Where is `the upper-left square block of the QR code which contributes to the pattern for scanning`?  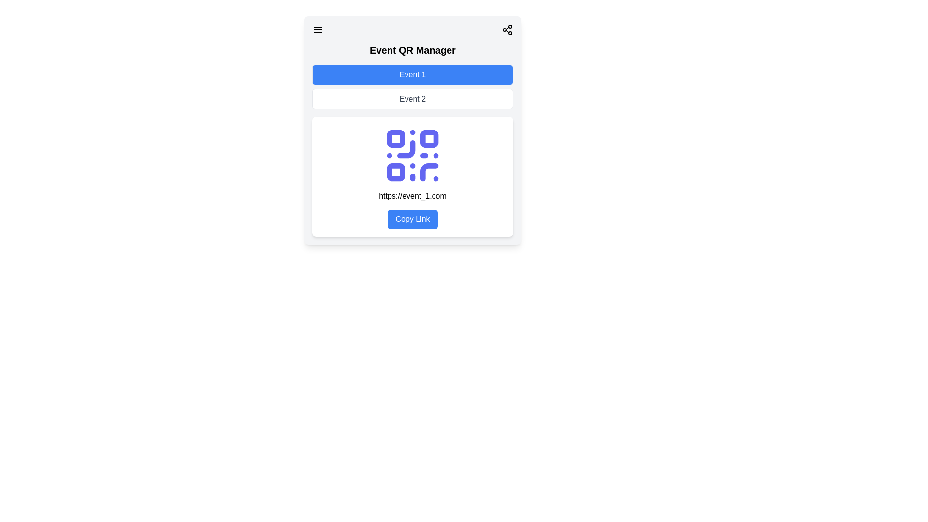
the upper-left square block of the QR code which contributes to the pattern for scanning is located at coordinates (396, 139).